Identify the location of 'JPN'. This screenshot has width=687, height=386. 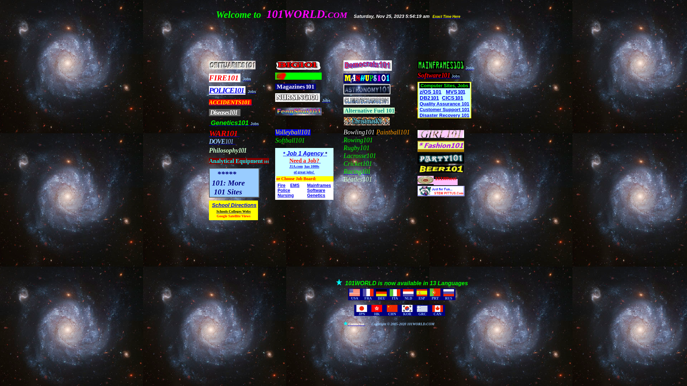
(362, 313).